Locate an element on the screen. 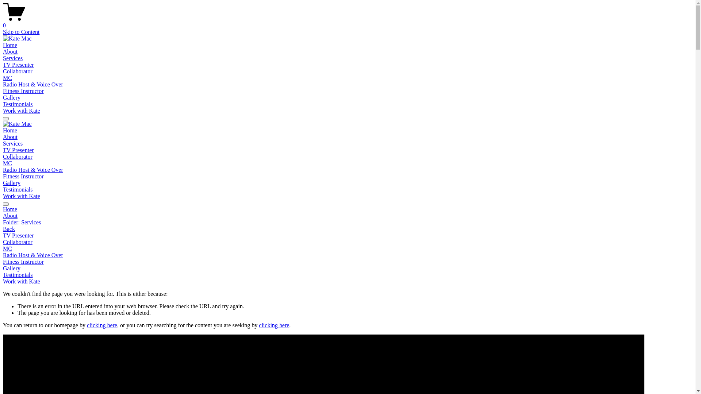 This screenshot has height=394, width=701. 'Home' is located at coordinates (347, 209).